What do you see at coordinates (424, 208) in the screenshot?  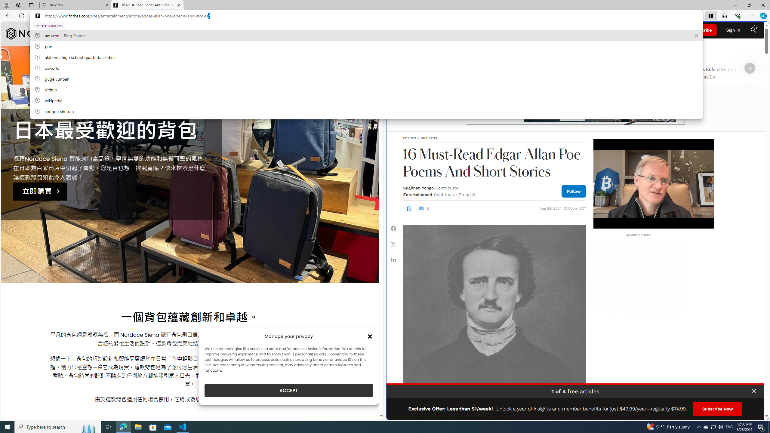 I see `'0'` at bounding box center [424, 208].